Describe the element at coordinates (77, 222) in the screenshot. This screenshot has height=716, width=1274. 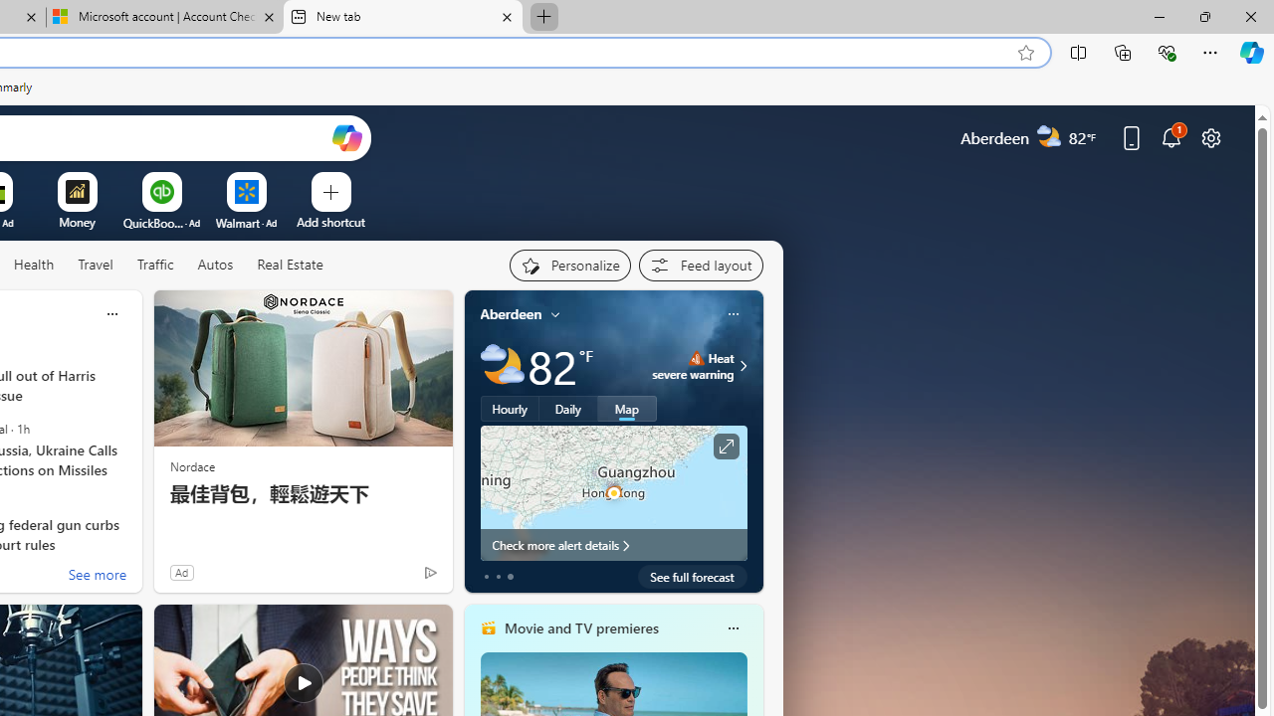
I see `'Money'` at that location.